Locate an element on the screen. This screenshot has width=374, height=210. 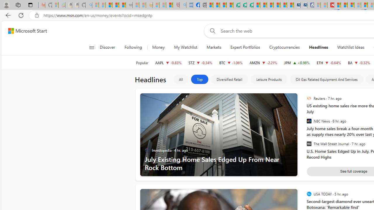
'Headlines' is located at coordinates (318, 47).